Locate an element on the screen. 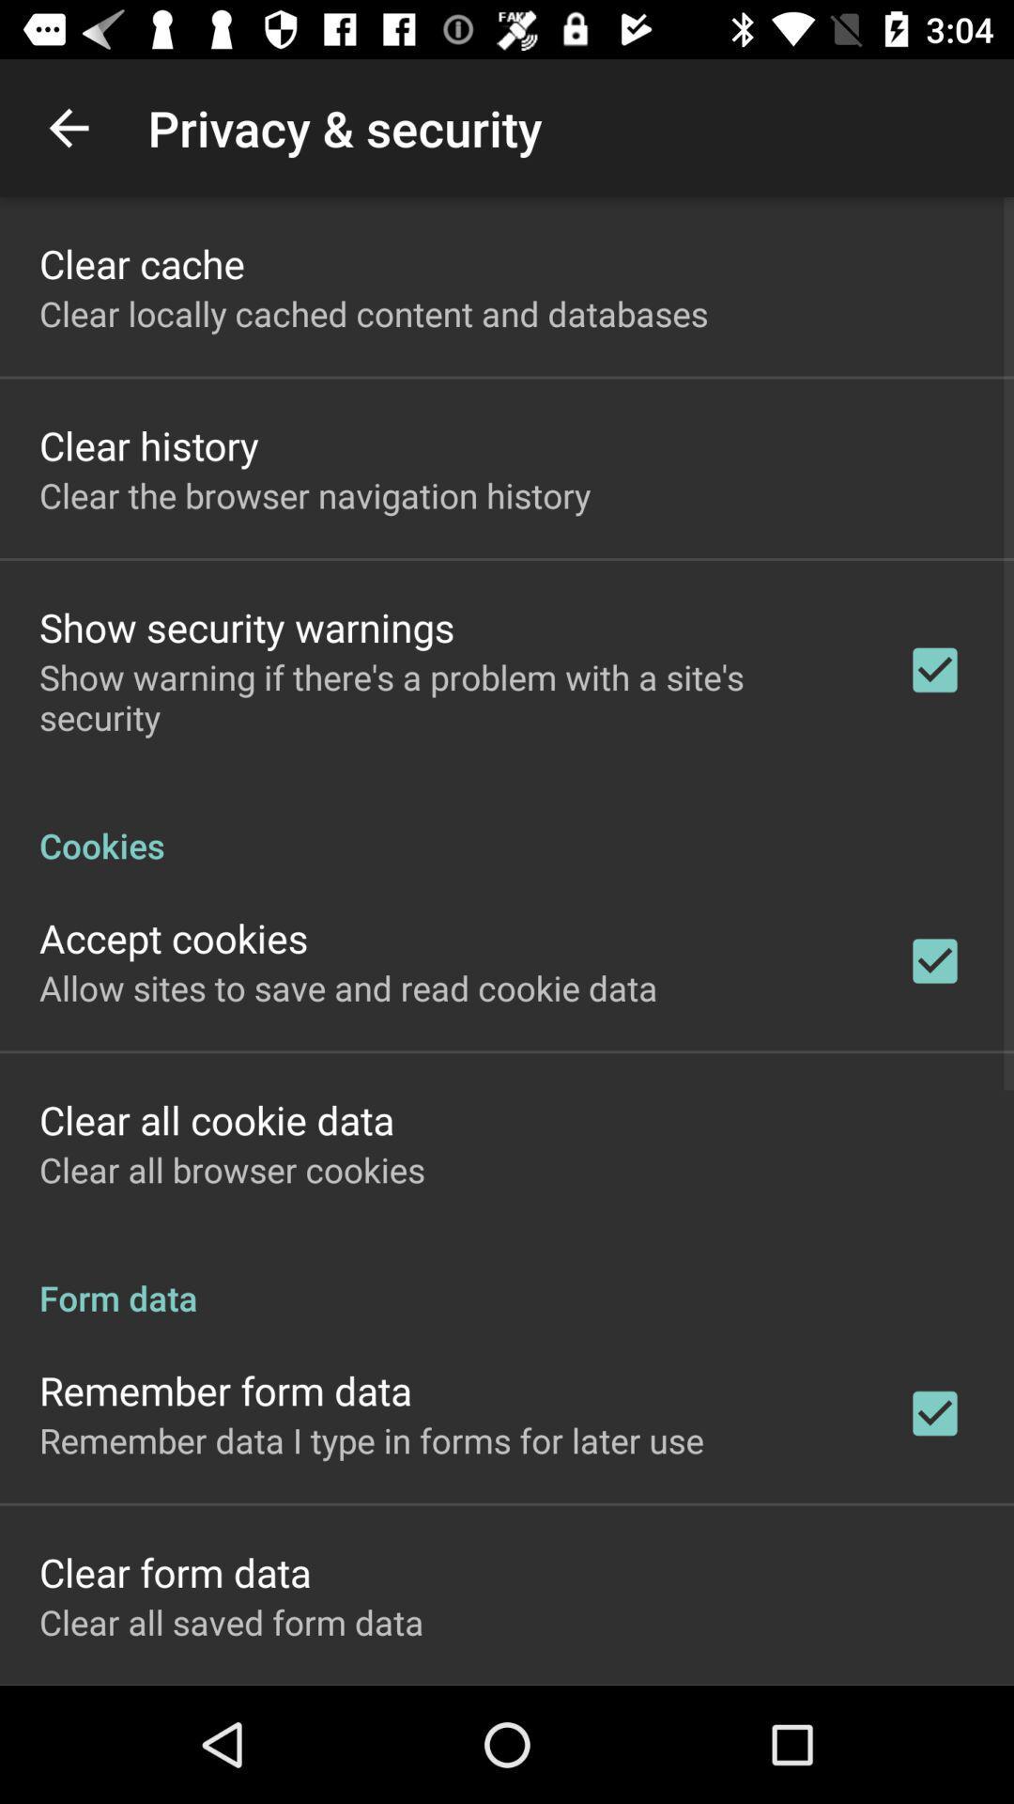 This screenshot has width=1014, height=1804. item below show security warnings is located at coordinates (448, 696).